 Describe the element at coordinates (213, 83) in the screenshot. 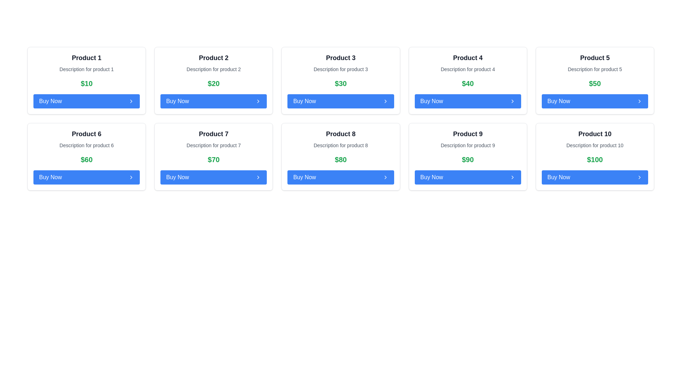

I see `the Text display showing '$20' in a bold, large green font, which is positioned centrally within the 'Product 2' card, located directly below the product title and description` at that location.